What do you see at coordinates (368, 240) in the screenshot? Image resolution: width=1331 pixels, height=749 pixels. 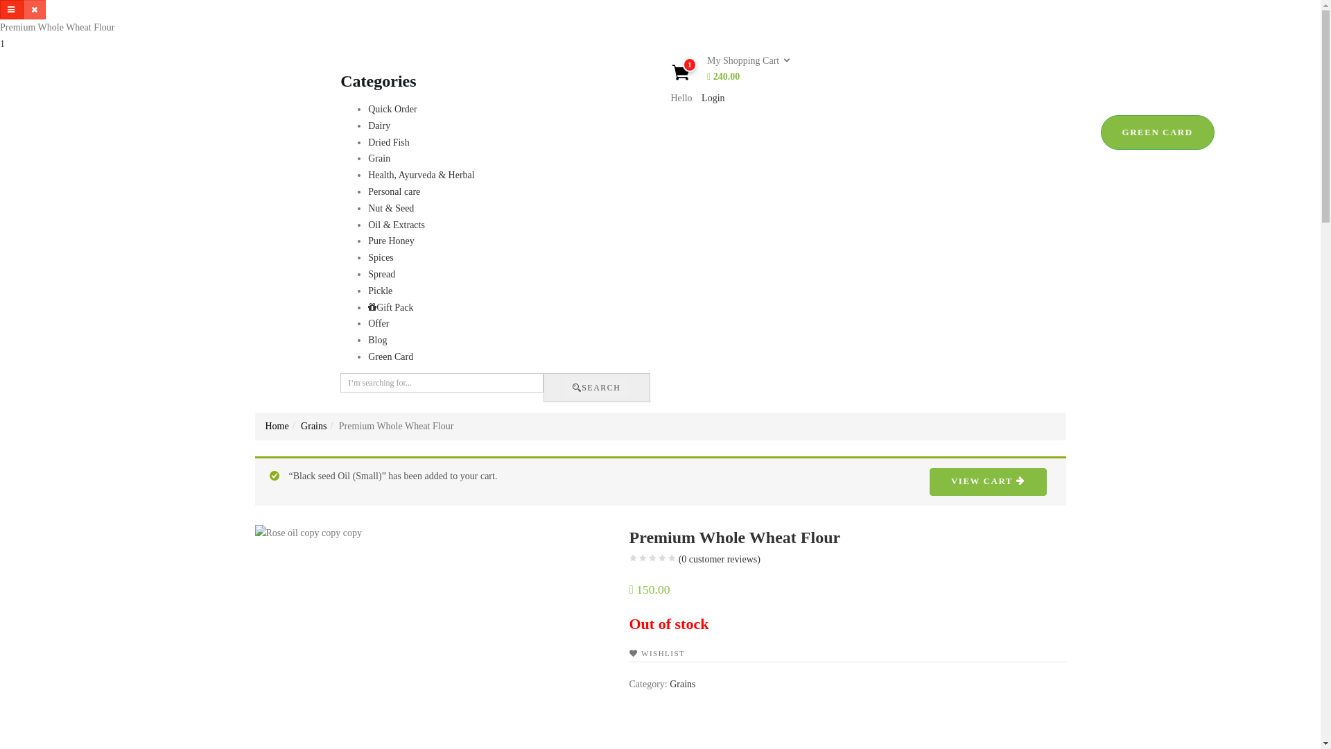 I see `'Pure Honey'` at bounding box center [368, 240].